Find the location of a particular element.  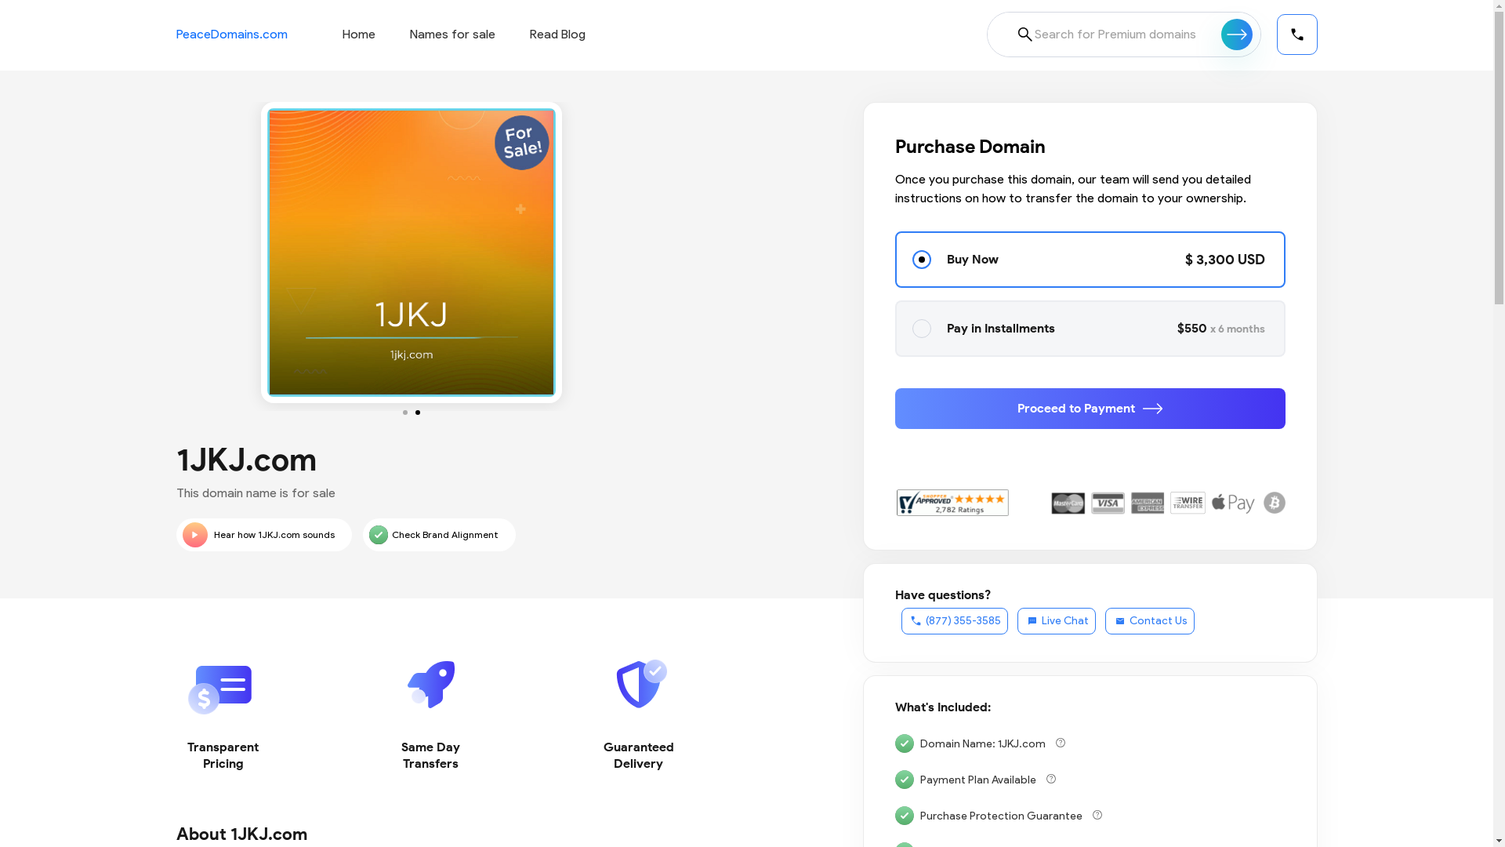

'Read Blog' is located at coordinates (530, 34).